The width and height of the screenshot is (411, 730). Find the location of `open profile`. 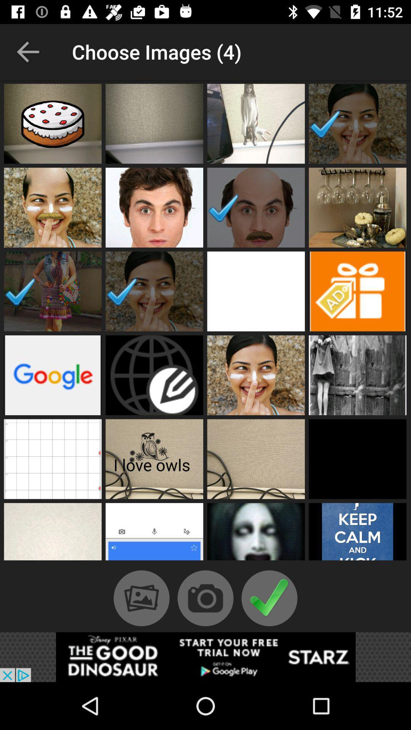

open profile is located at coordinates (357, 459).